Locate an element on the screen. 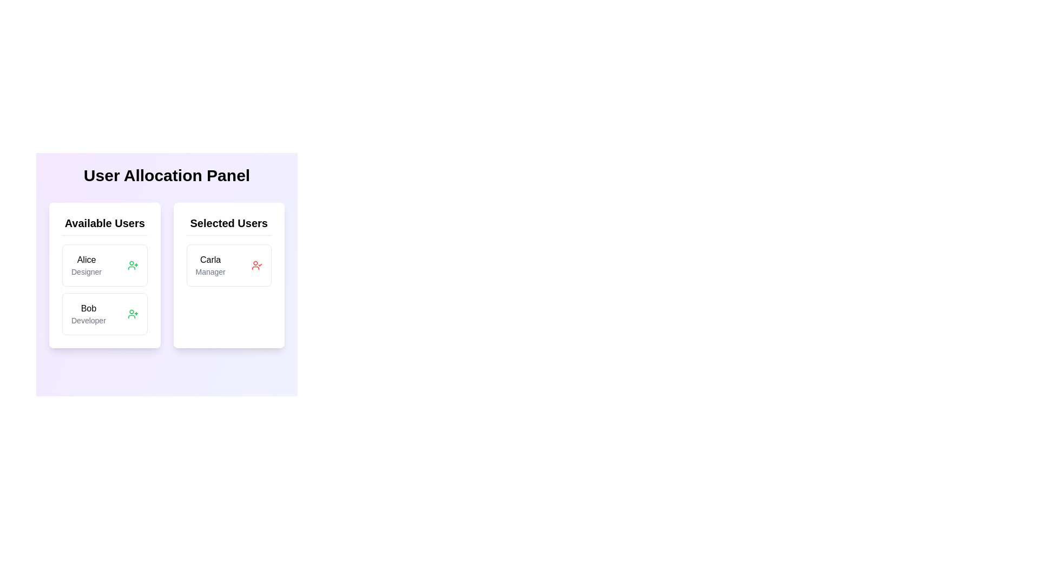 This screenshot has height=584, width=1039. the text label displaying 'Designer', which is styled in gray and located beneath 'Alice' in the 'Available Users' panel is located at coordinates (86, 271).